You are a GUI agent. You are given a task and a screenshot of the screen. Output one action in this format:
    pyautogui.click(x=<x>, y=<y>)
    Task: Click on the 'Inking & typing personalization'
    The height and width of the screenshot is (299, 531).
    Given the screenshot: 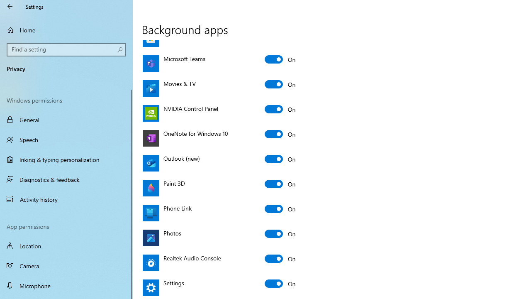 What is the action you would take?
    pyautogui.click(x=66, y=159)
    